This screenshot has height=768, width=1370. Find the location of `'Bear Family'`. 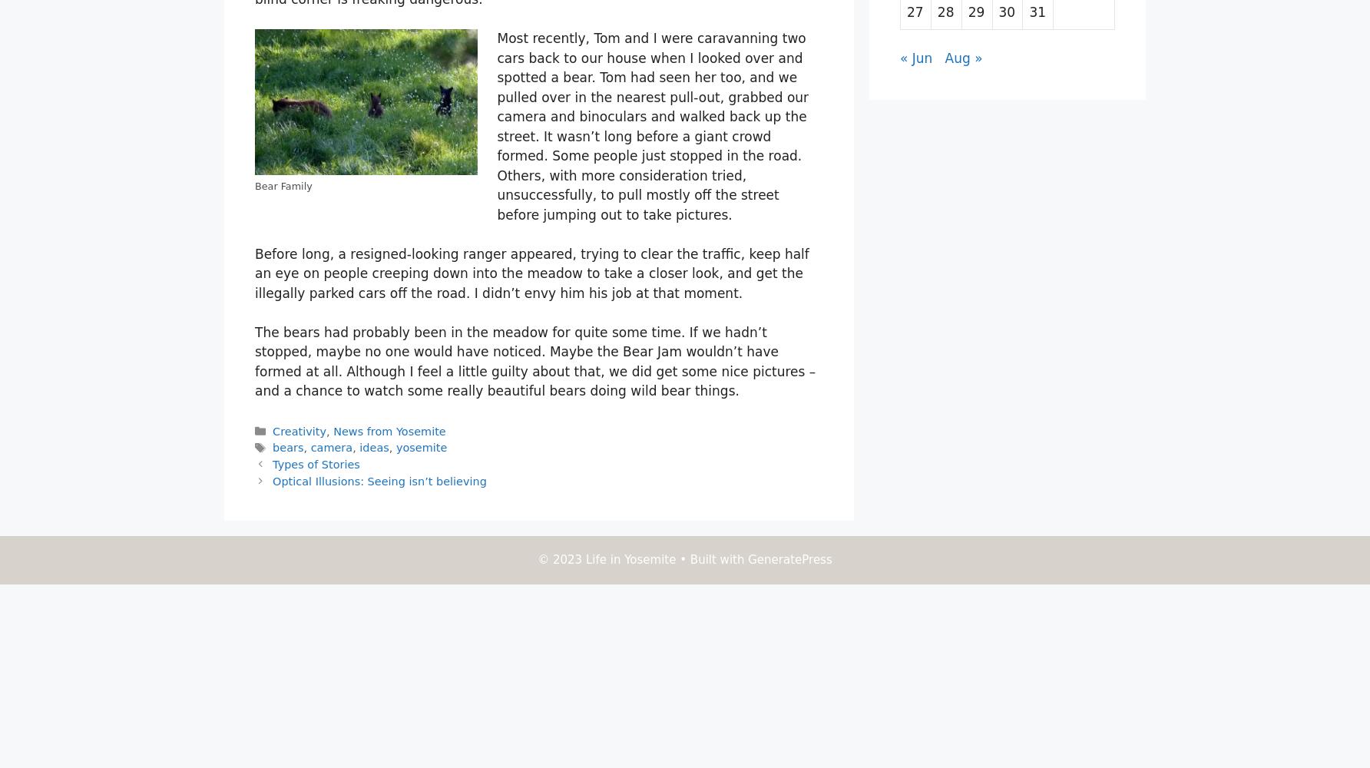

'Bear Family' is located at coordinates (282, 184).